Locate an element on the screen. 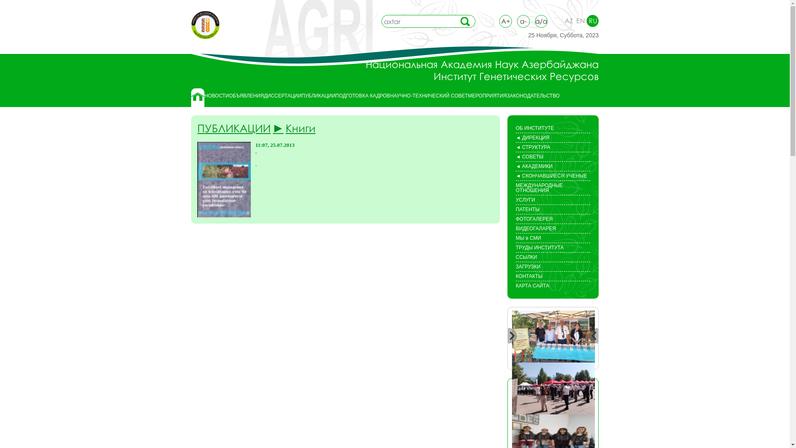 This screenshot has height=448, width=796. 'search' is located at coordinates (465, 21).